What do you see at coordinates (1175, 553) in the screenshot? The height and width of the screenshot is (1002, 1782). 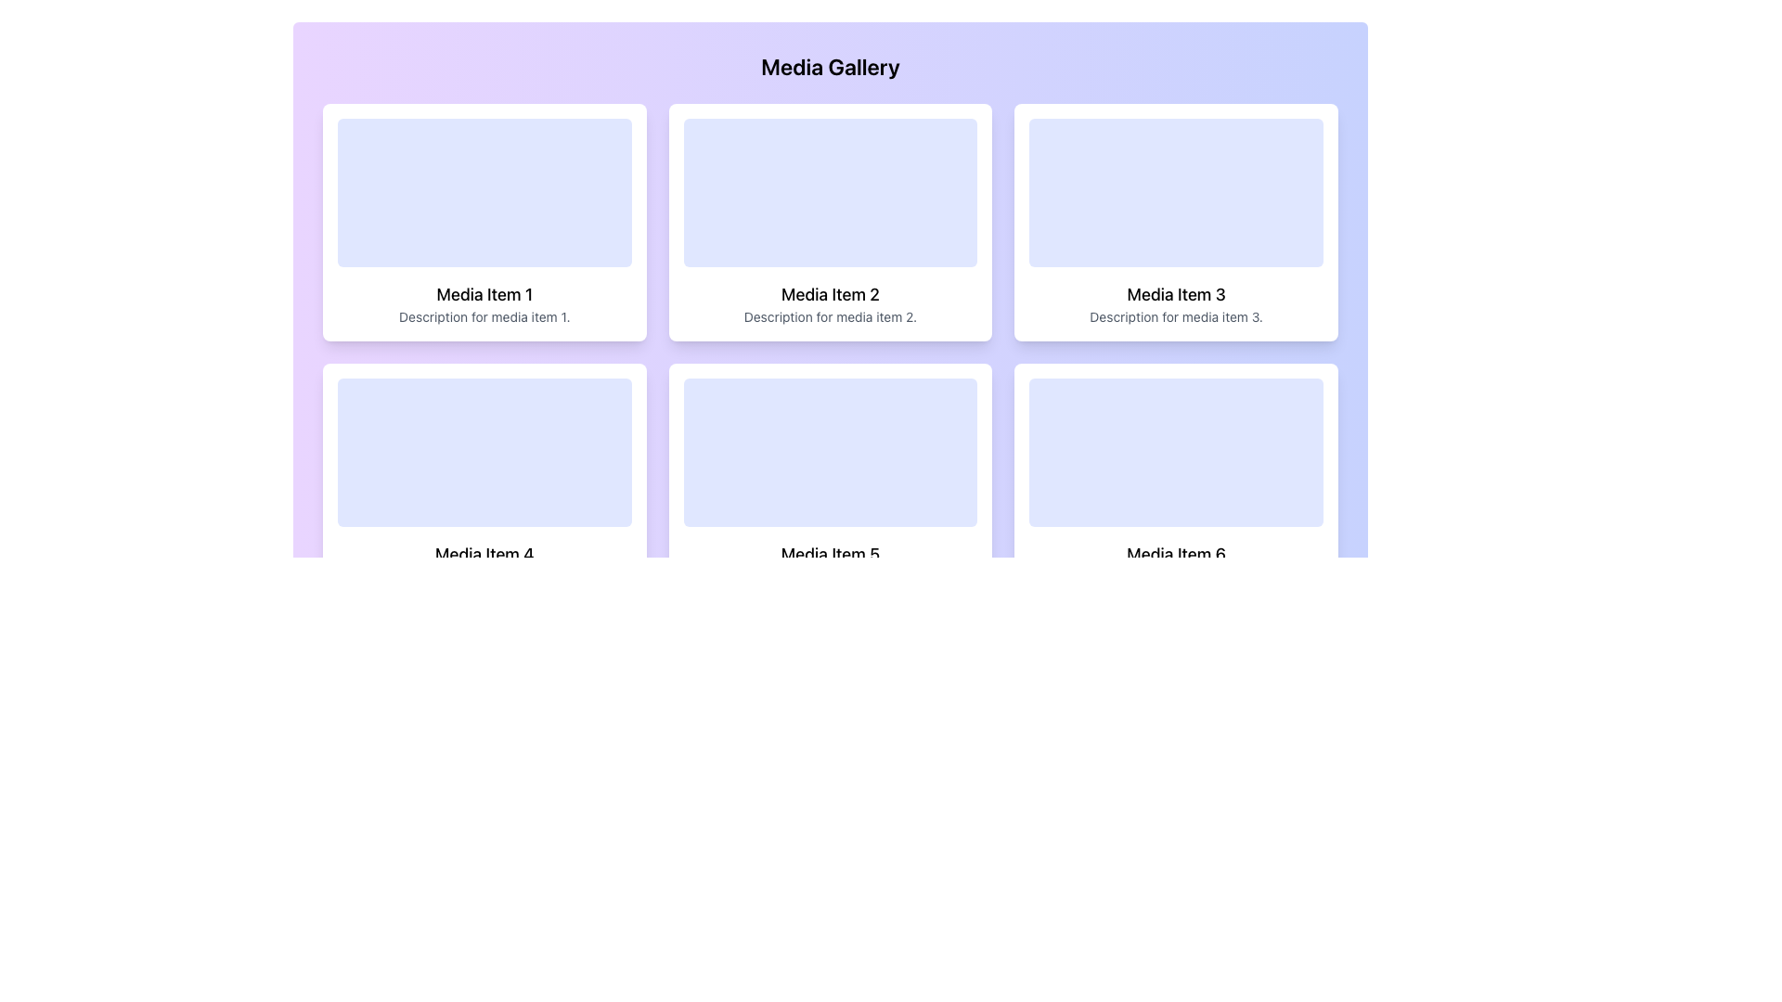 I see `text label that identifies 'Media Item 6', located in the last card on the second row of the media gallery grid` at bounding box center [1175, 553].